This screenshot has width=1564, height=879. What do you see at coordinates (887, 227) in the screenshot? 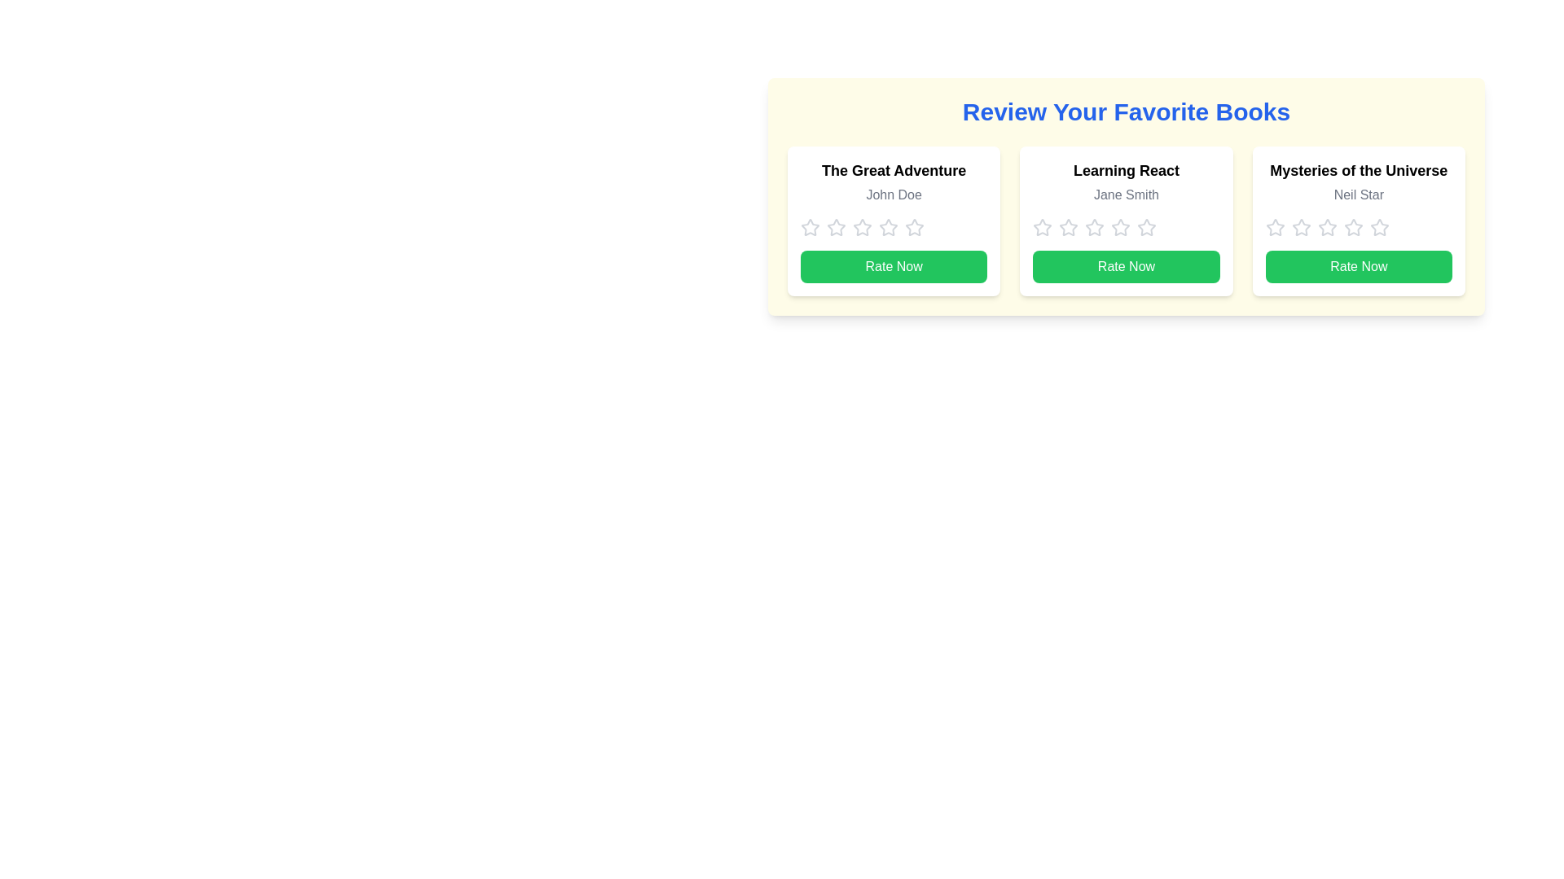
I see `the fourth star icon in the rating section of 'The Great Adventure' book card` at bounding box center [887, 227].